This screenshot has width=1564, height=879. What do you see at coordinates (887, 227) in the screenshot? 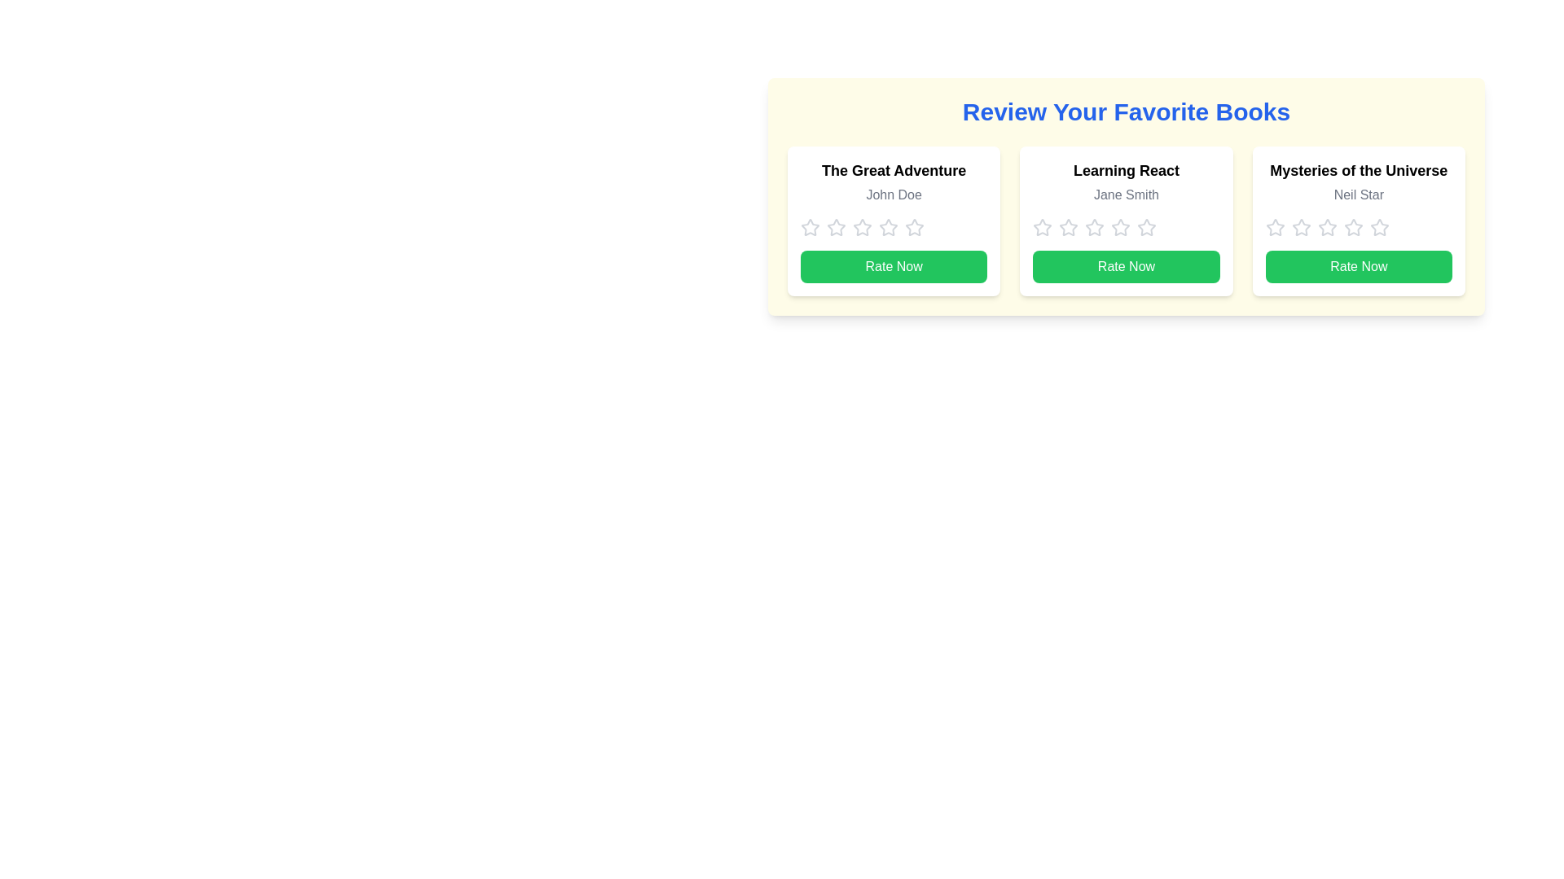
I see `the fourth star icon in the rating section of 'The Great Adventure' book card` at bounding box center [887, 227].